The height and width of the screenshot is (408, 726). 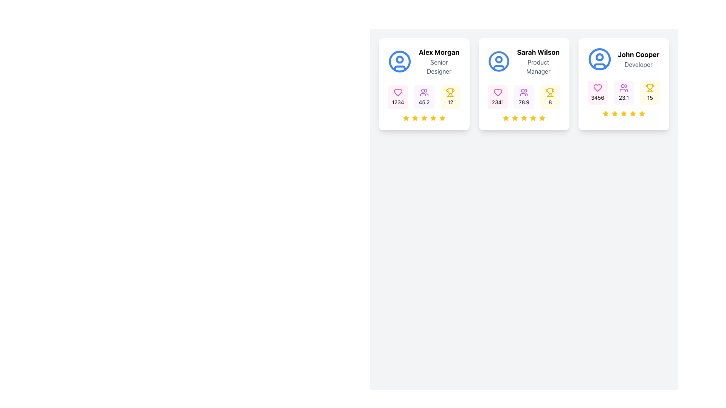 I want to click on the small solid inner circle of the circular graphical element representing a user profile icon, located in the avatar section of the user profile card, so click(x=499, y=59).